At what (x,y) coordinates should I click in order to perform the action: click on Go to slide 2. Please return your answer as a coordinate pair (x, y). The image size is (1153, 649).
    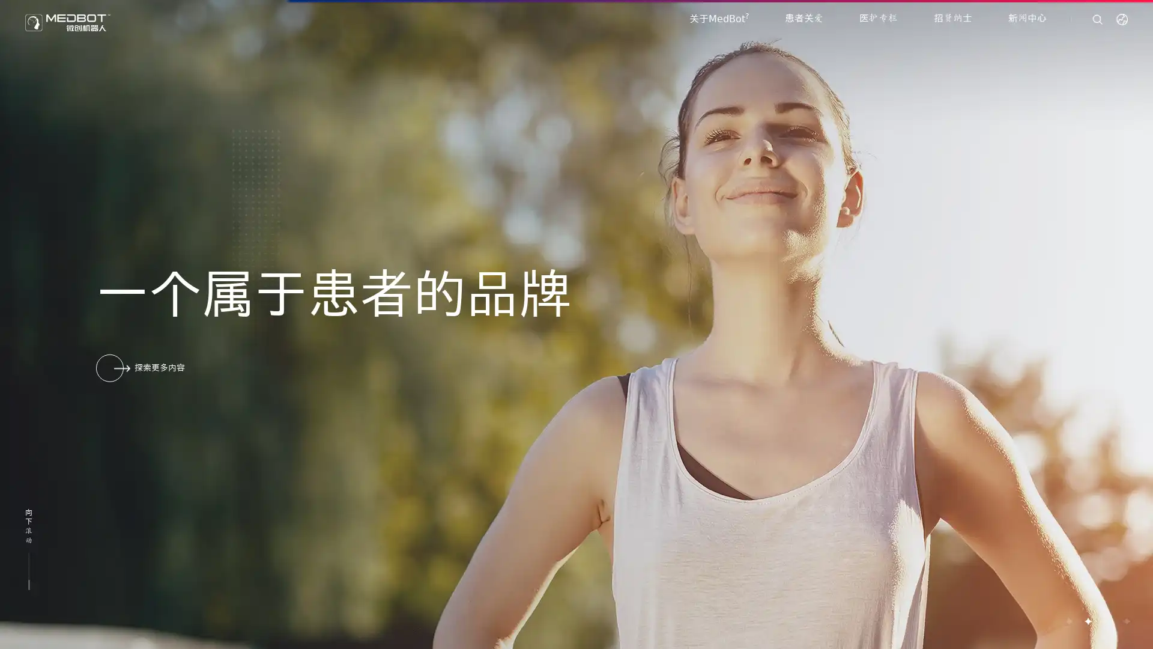
    Looking at the image, I should click on (1087, 621).